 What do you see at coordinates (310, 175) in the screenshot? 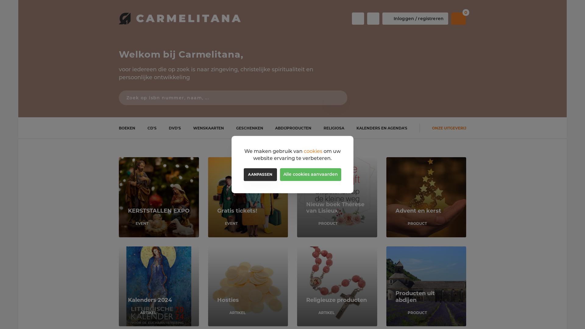
I see `'Alle cookies aanvaarden'` at bounding box center [310, 175].